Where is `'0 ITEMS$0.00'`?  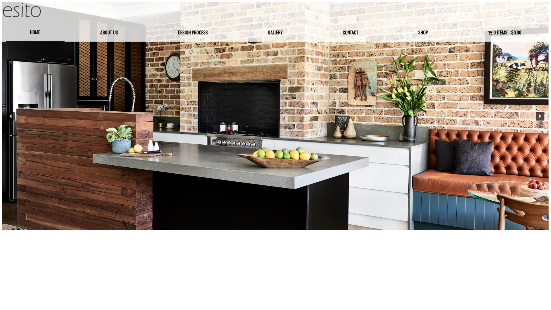 '0 ITEMS$0.00' is located at coordinates (504, 32).